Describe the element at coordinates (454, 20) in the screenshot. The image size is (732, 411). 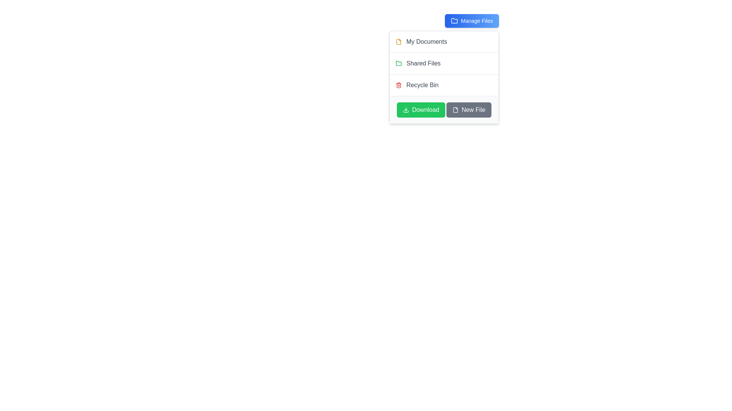
I see `the small blue outline folder icon located to the left of the 'Manage Files' text in the button at the top-right corner of the interface` at that location.